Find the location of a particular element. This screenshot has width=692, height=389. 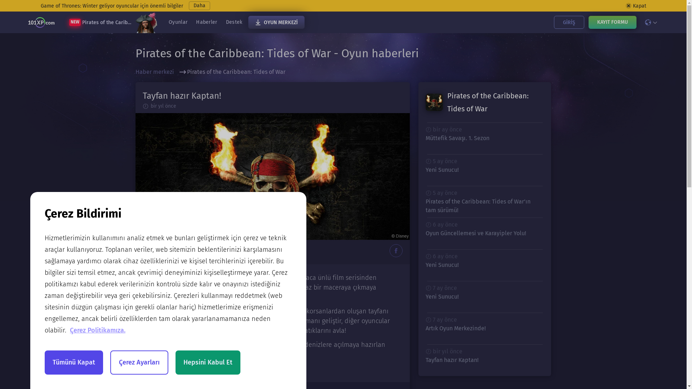

'NEW is located at coordinates (112, 22).